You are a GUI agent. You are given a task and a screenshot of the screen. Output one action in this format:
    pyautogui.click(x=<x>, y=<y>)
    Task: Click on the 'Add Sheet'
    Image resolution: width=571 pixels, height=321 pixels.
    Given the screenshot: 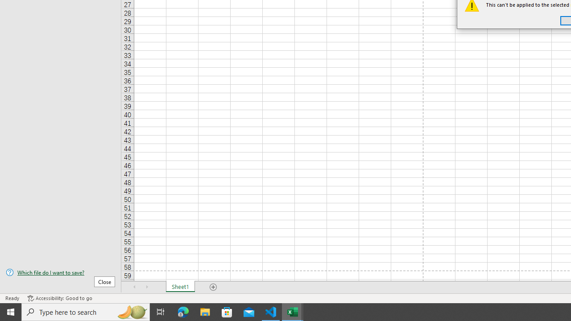 What is the action you would take?
    pyautogui.click(x=213, y=287)
    